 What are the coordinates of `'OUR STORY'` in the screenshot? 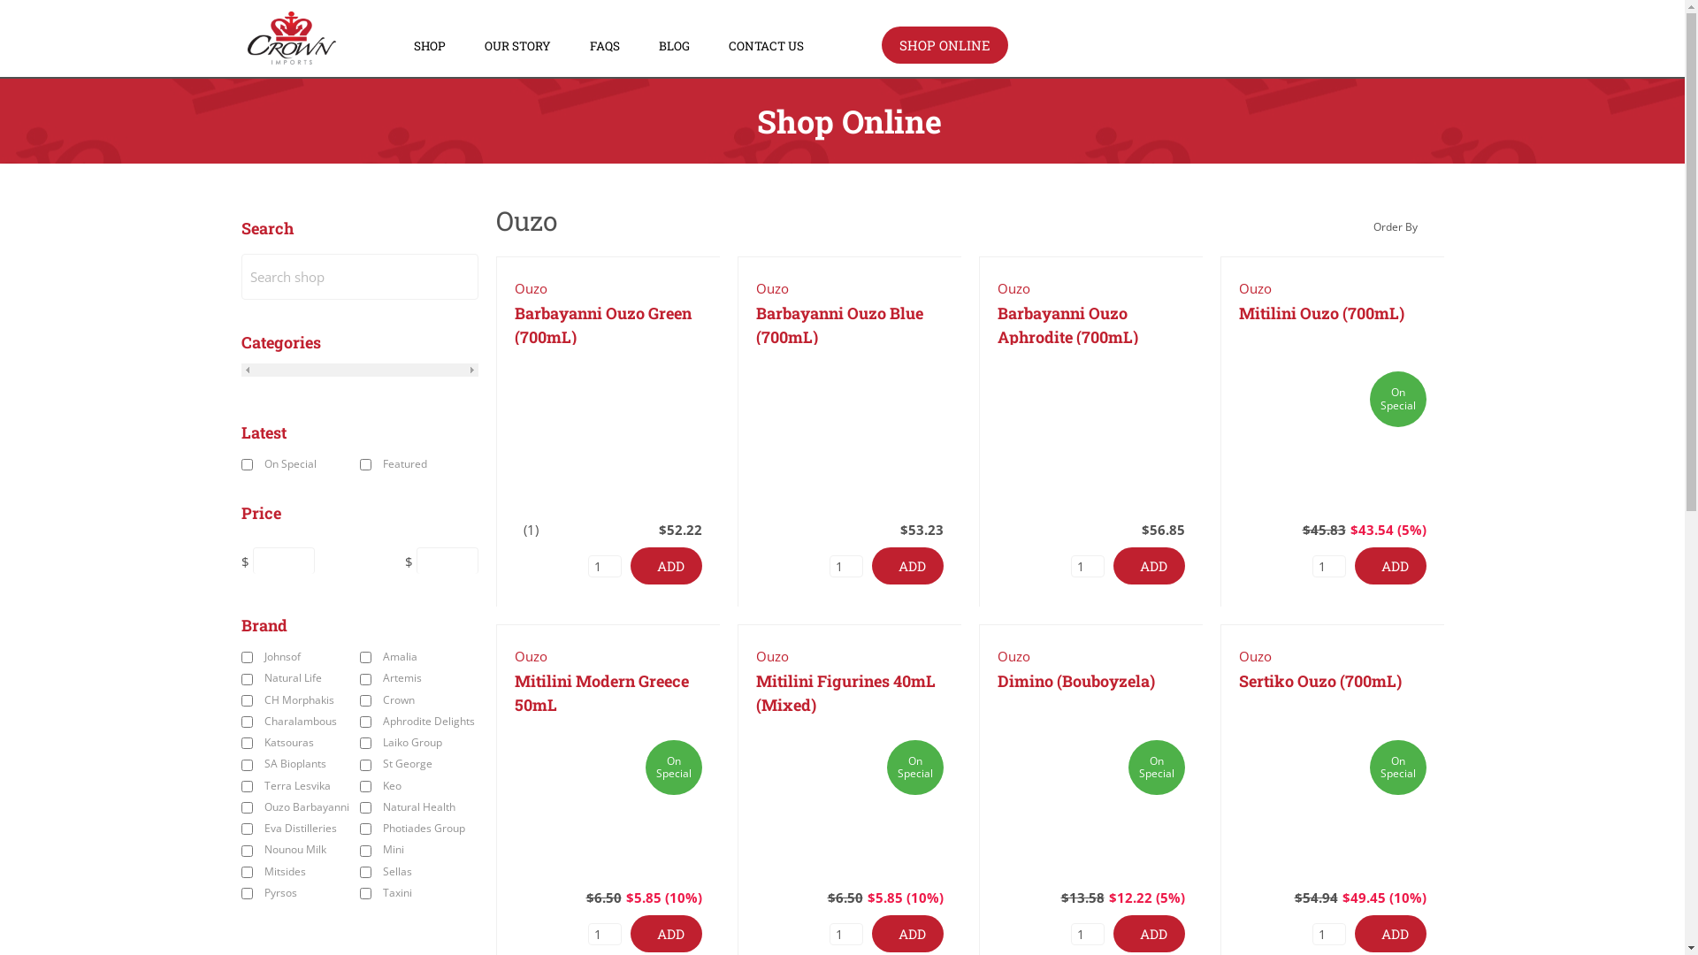 It's located at (484, 45).